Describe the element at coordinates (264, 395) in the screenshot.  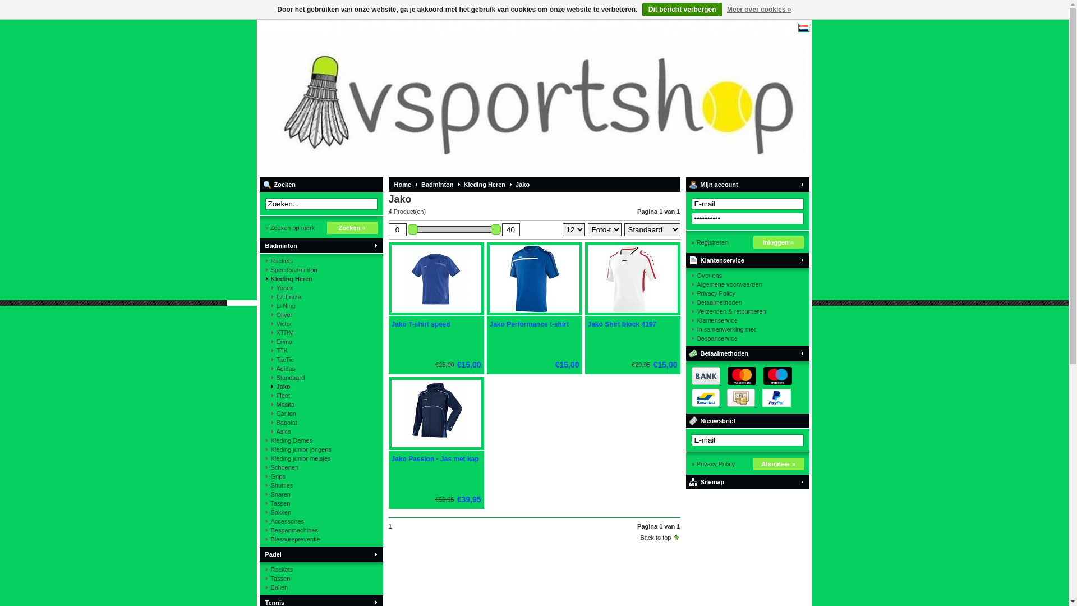
I see `'Fleet'` at that location.